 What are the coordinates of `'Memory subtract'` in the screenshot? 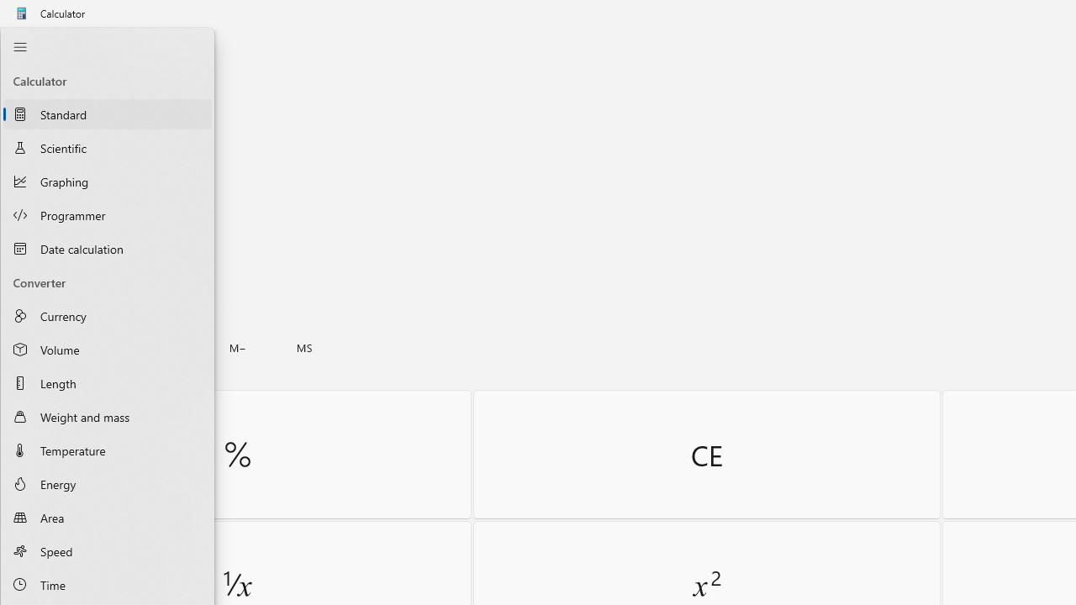 It's located at (237, 347).